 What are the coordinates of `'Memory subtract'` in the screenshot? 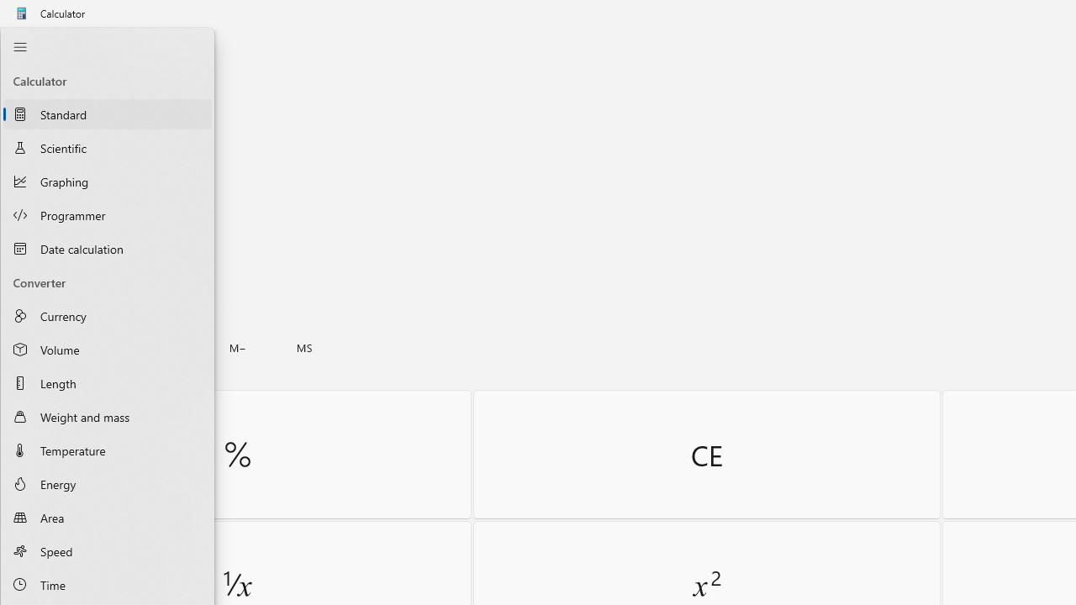 It's located at (237, 347).